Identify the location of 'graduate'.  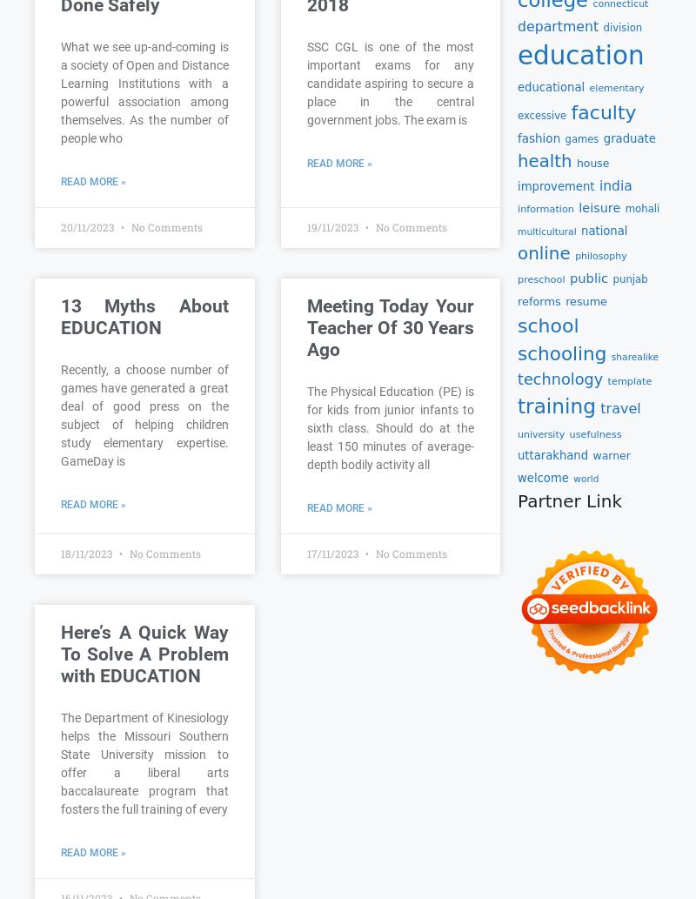
(628, 138).